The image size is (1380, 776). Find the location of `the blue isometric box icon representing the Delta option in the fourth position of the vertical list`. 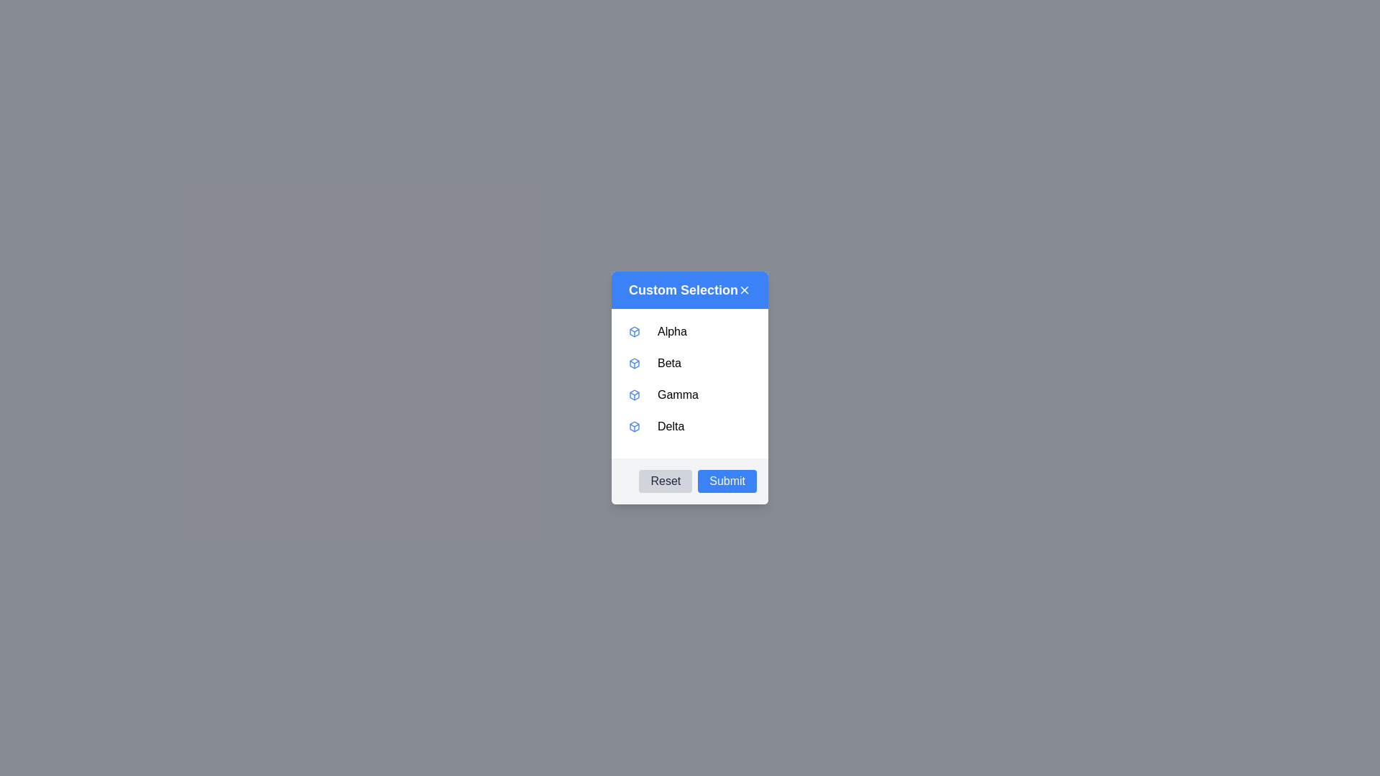

the blue isometric box icon representing the Delta option in the fourth position of the vertical list is located at coordinates (634, 426).